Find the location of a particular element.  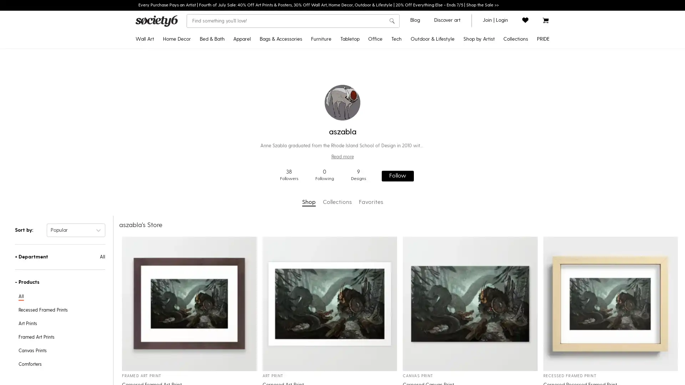

Pantone Color of 2022 is located at coordinates (489, 126).